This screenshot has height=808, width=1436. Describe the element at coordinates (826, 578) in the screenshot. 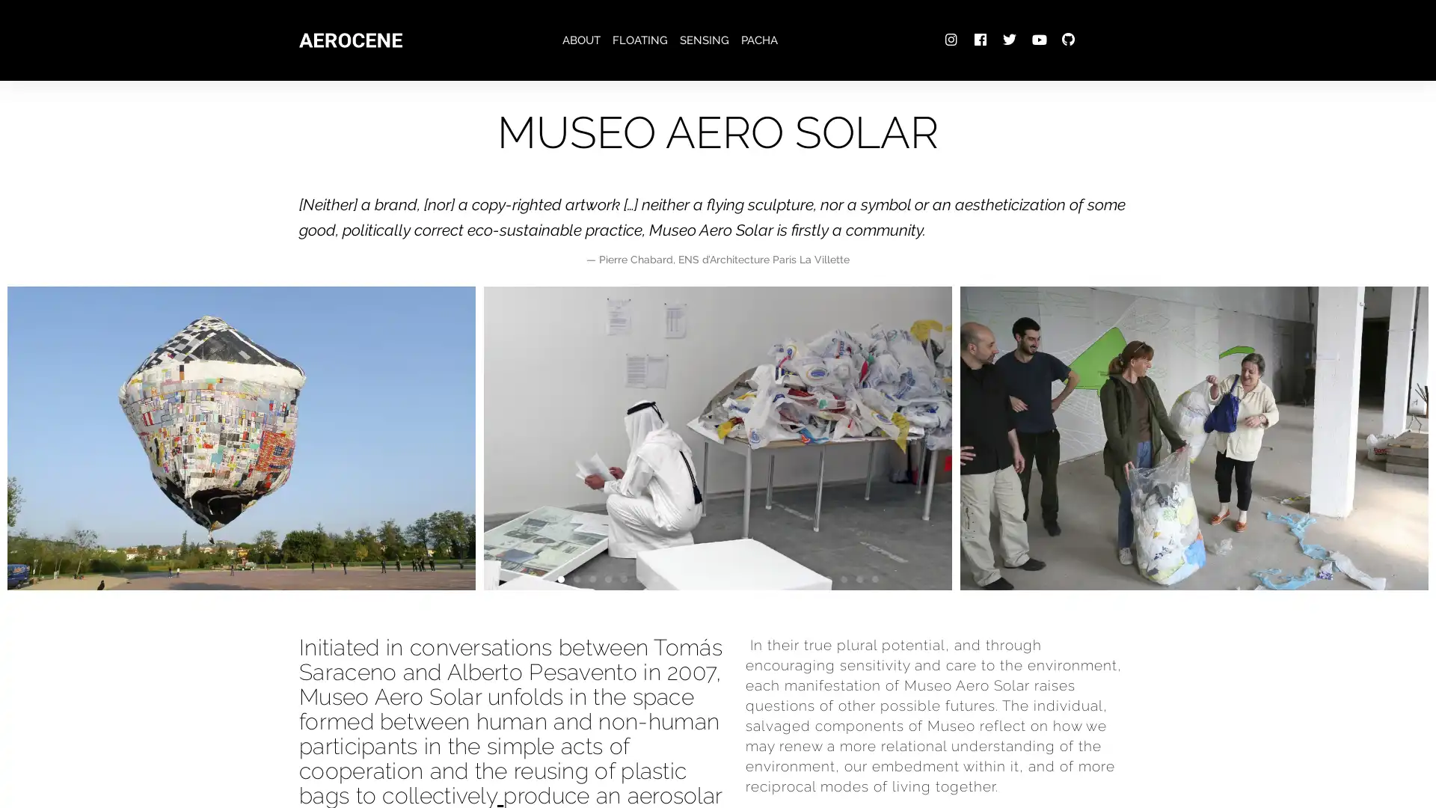

I see `Go to slide 18` at that location.